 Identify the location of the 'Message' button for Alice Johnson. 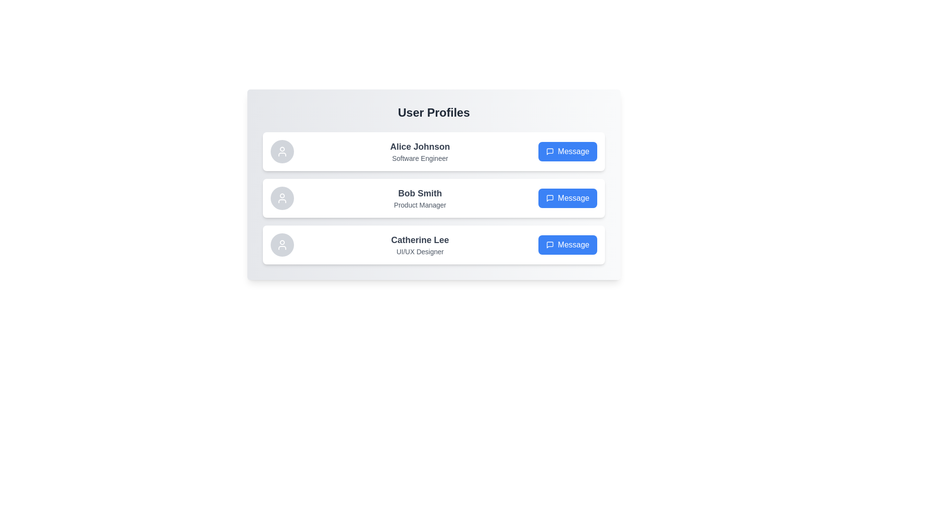
(568, 152).